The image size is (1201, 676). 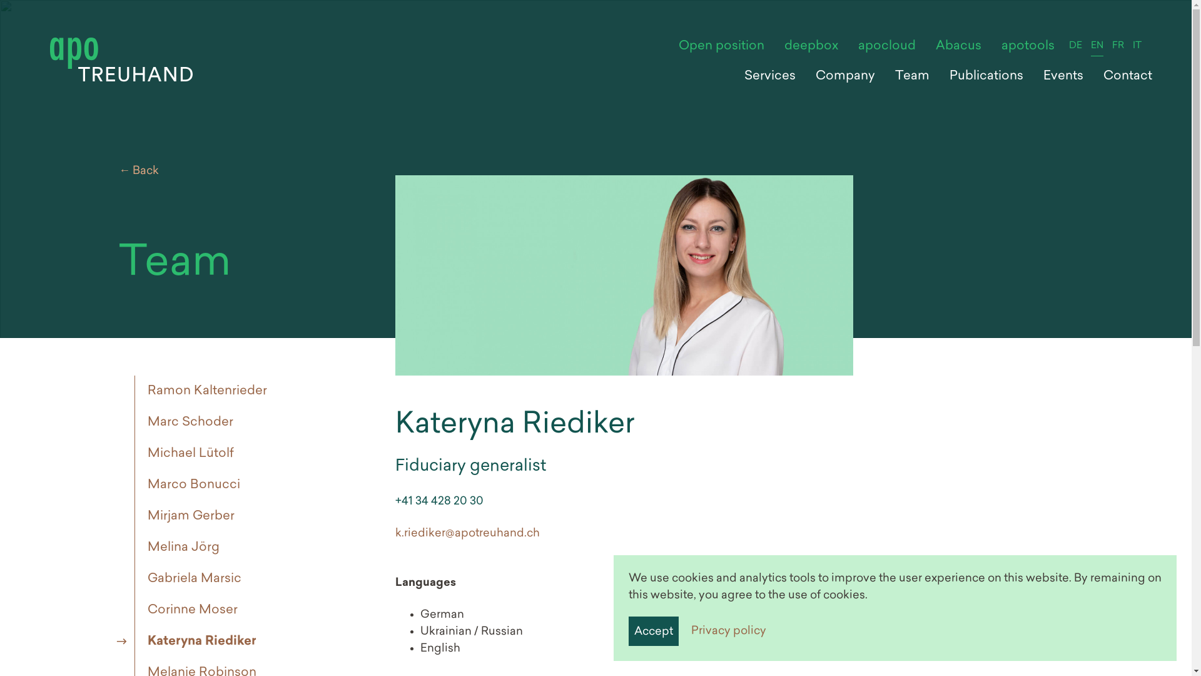 What do you see at coordinates (467, 533) in the screenshot?
I see `'k.riediker@apotreuhand.ch'` at bounding box center [467, 533].